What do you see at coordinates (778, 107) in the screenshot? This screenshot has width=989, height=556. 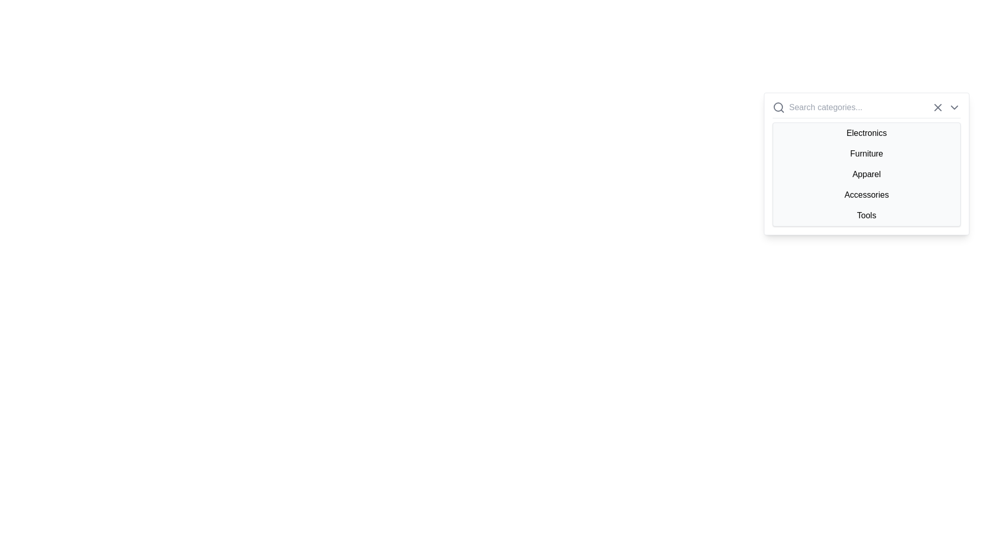 I see `the circular search icon located on the left-hand side of the header for the category dropdown menu` at bounding box center [778, 107].